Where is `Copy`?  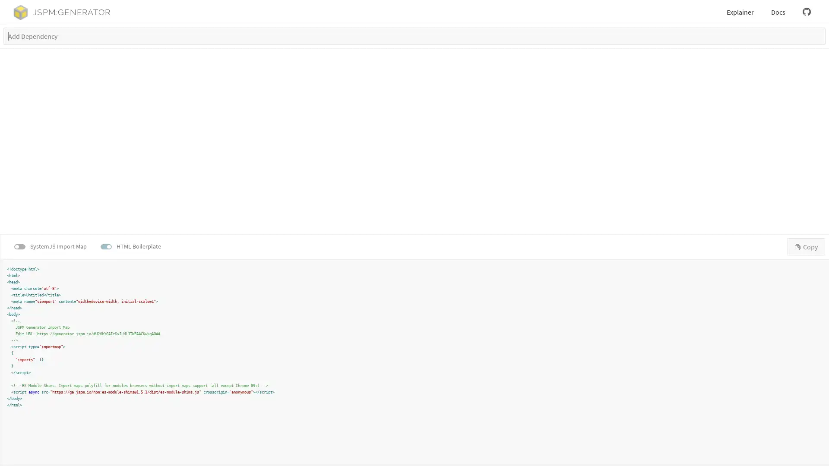 Copy is located at coordinates (806, 246).